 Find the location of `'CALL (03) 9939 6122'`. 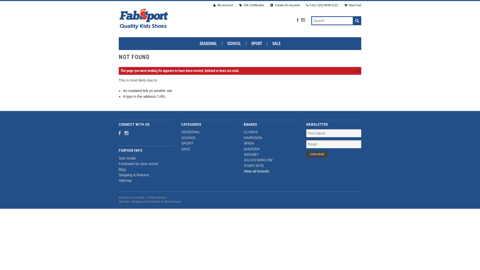

'CALL (03) 9939 6122' is located at coordinates (306, 5).